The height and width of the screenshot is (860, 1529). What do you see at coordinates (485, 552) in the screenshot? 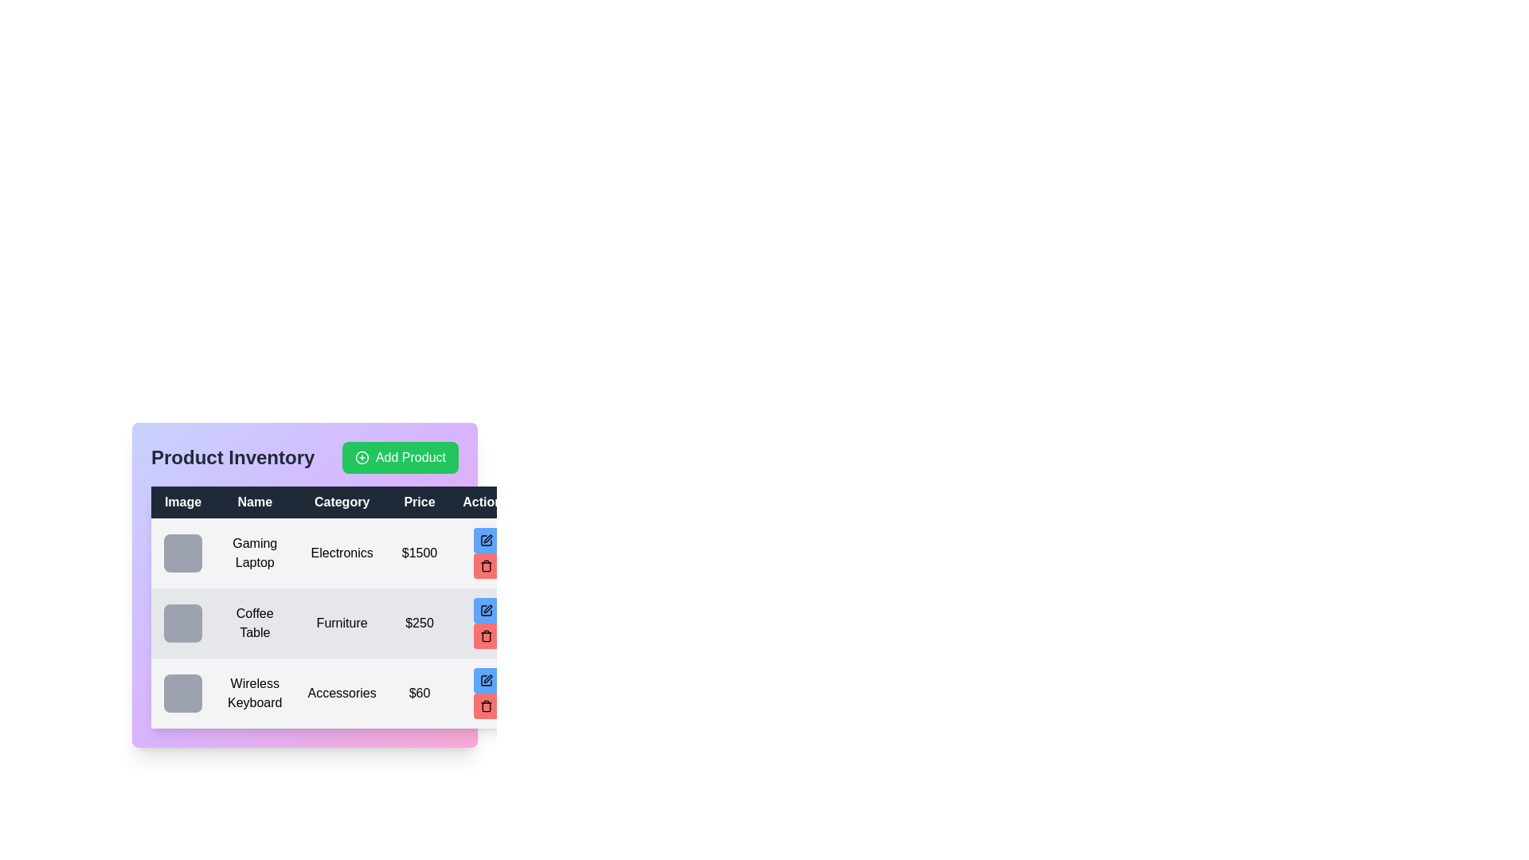
I see `the delete button in the last column of the table row corresponding to the 'Gaming Laptop' product entry, located beneath the blue edit button` at bounding box center [485, 552].